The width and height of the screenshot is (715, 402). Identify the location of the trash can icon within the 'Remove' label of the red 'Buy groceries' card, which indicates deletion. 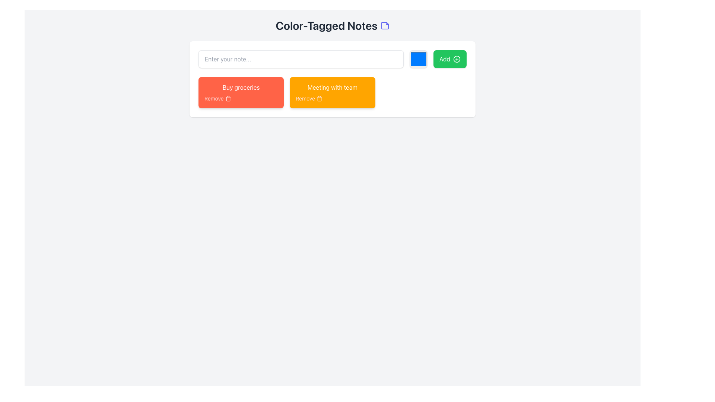
(228, 98).